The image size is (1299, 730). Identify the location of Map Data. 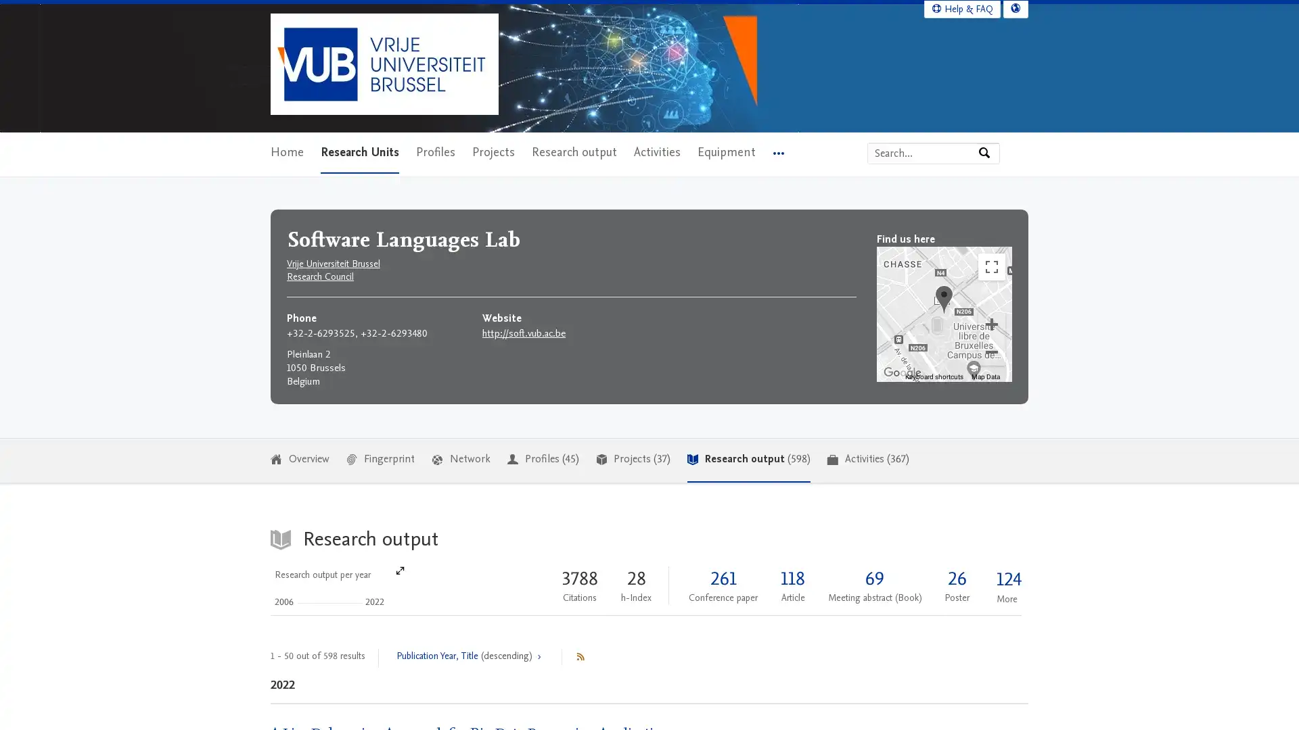
(986, 376).